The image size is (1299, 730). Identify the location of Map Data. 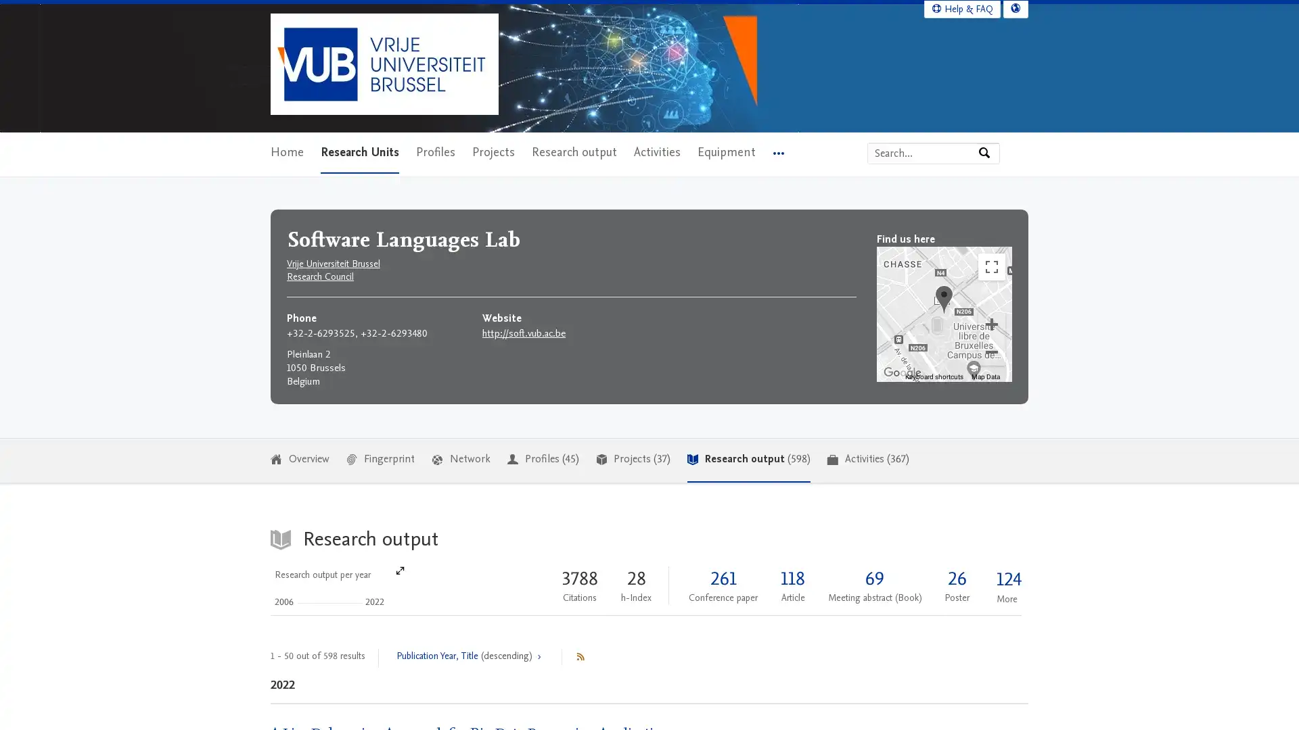
(986, 376).